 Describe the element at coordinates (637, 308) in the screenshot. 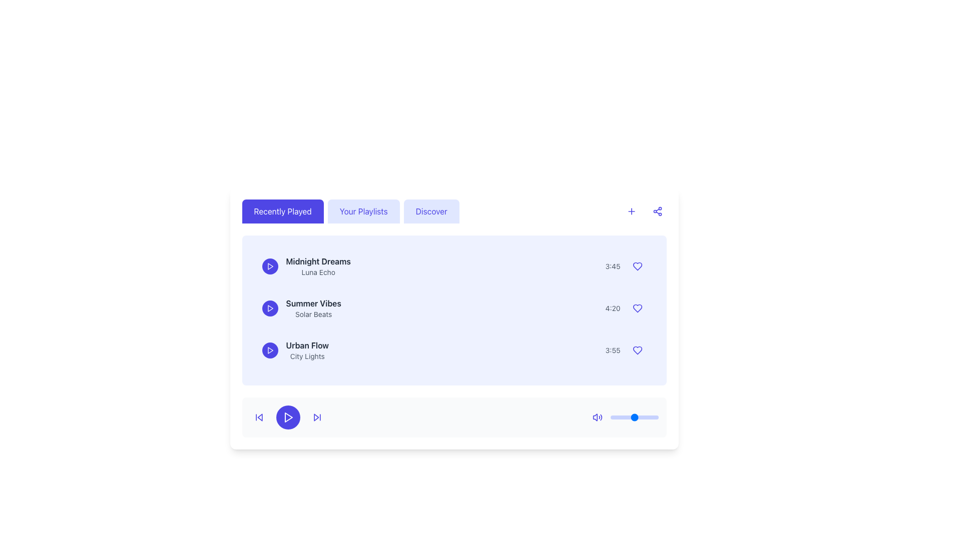

I see `the heart-shaped indicator icon for the song 'Summer Vibes'` at that location.